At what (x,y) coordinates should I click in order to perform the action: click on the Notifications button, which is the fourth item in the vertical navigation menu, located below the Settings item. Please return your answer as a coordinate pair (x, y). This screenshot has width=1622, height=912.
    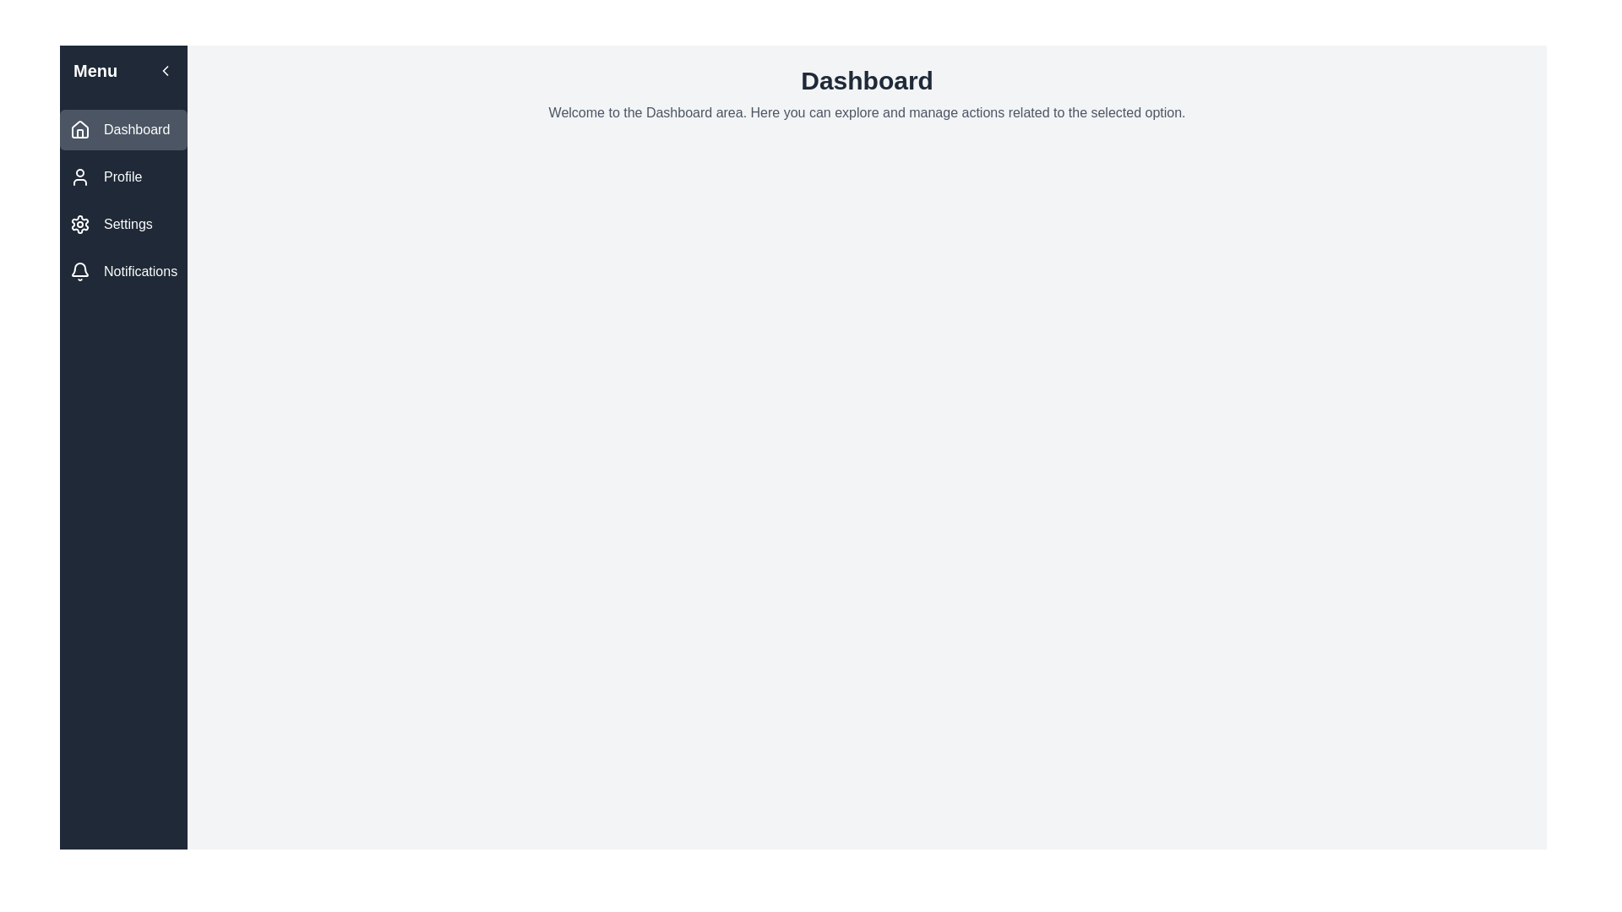
    Looking at the image, I should click on (122, 270).